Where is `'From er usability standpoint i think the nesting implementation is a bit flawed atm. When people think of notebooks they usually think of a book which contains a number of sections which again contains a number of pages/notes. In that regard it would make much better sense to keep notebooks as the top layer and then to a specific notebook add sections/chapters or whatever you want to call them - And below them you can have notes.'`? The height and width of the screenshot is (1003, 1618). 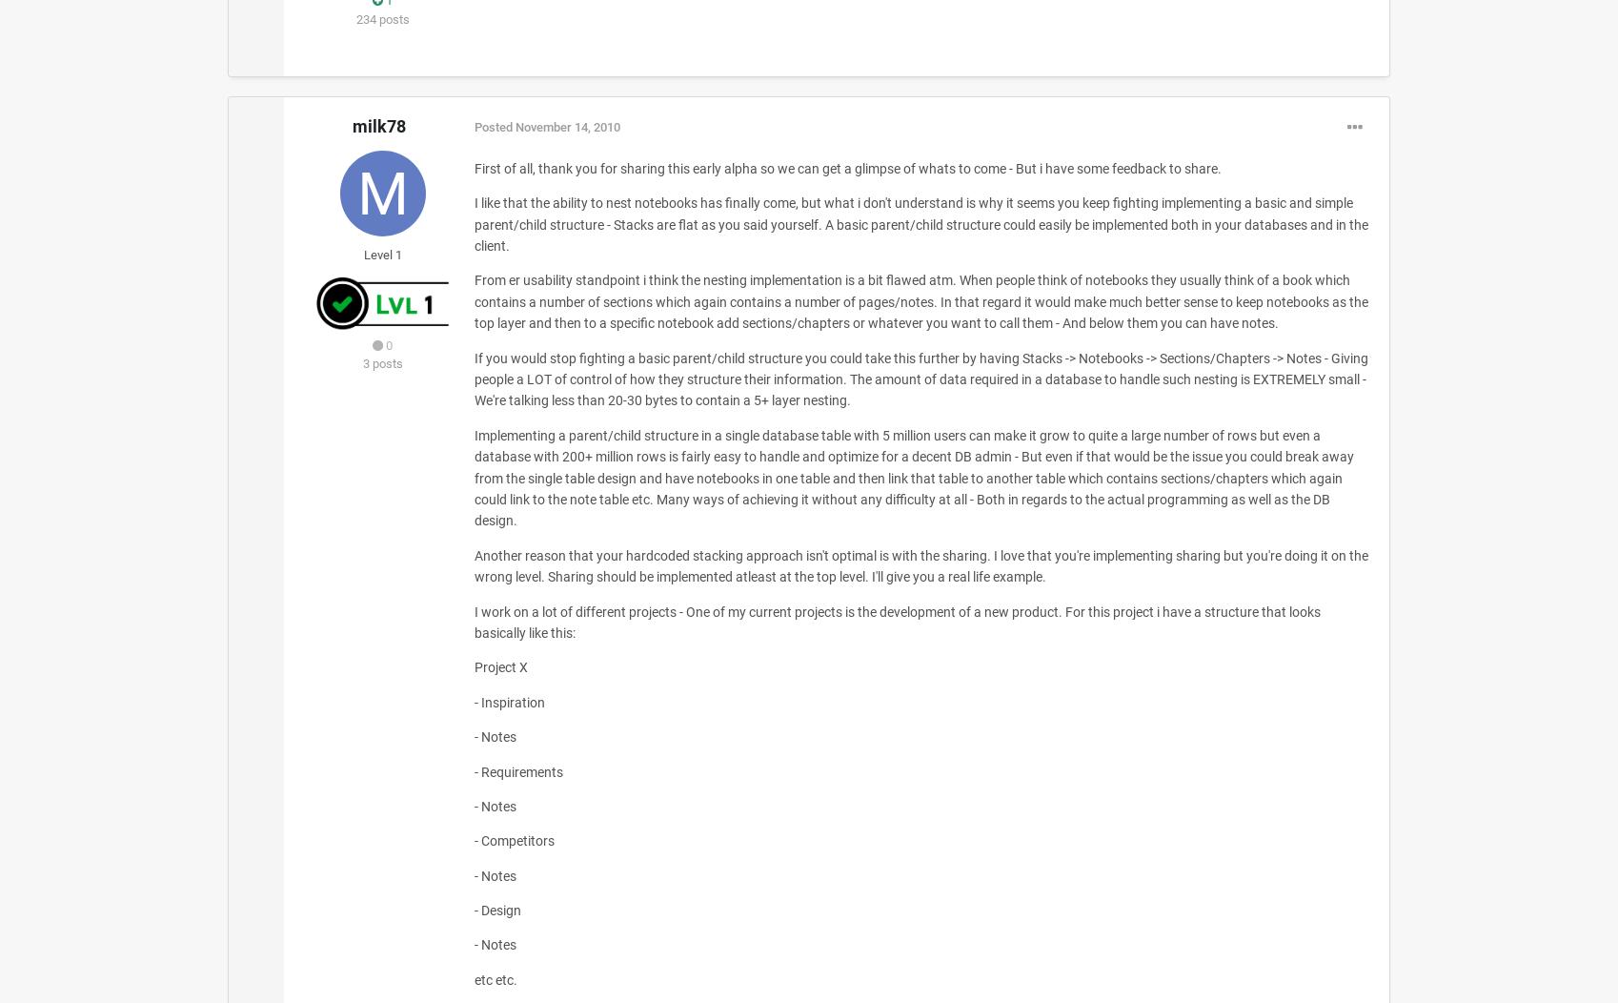 'From er usability standpoint i think the nesting implementation is a bit flawed atm. When people think of notebooks they usually think of a book which contains a number of sections which again contains a number of pages/notes. In that regard it would make much better sense to keep notebooks as the top layer and then to a specific notebook add sections/chapters or whatever you want to call them - And below them you can have notes.' is located at coordinates (473, 300).